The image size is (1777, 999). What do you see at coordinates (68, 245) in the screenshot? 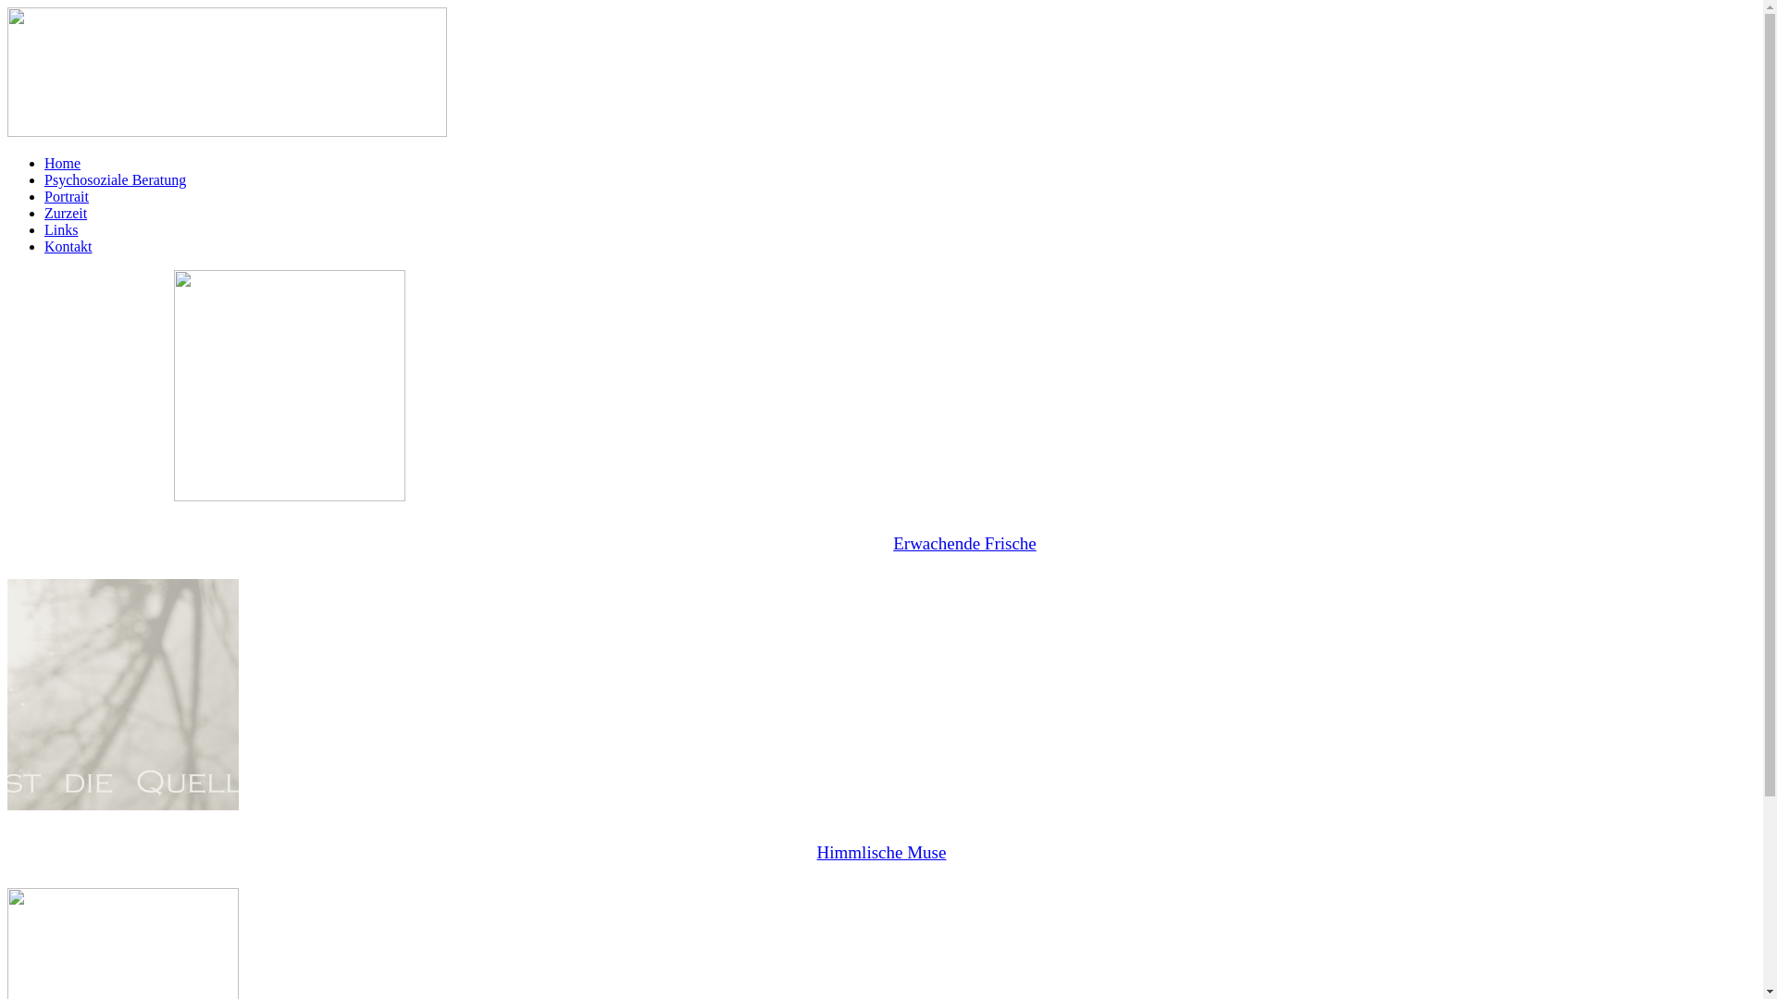
I see `'Kontakt'` at bounding box center [68, 245].